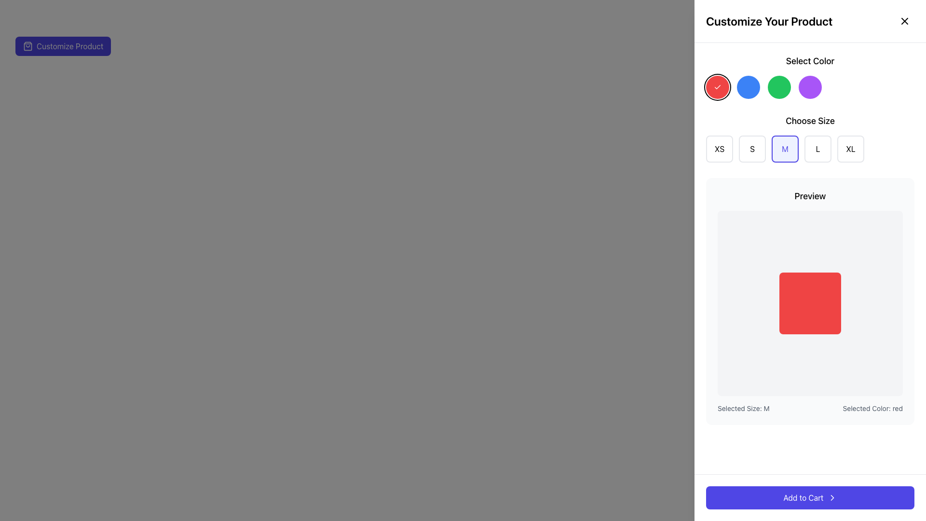 The width and height of the screenshot is (926, 521). Describe the element at coordinates (63, 46) in the screenshot. I see `the customization button located near the top-left corner of the interface to observe its hover effect` at that location.